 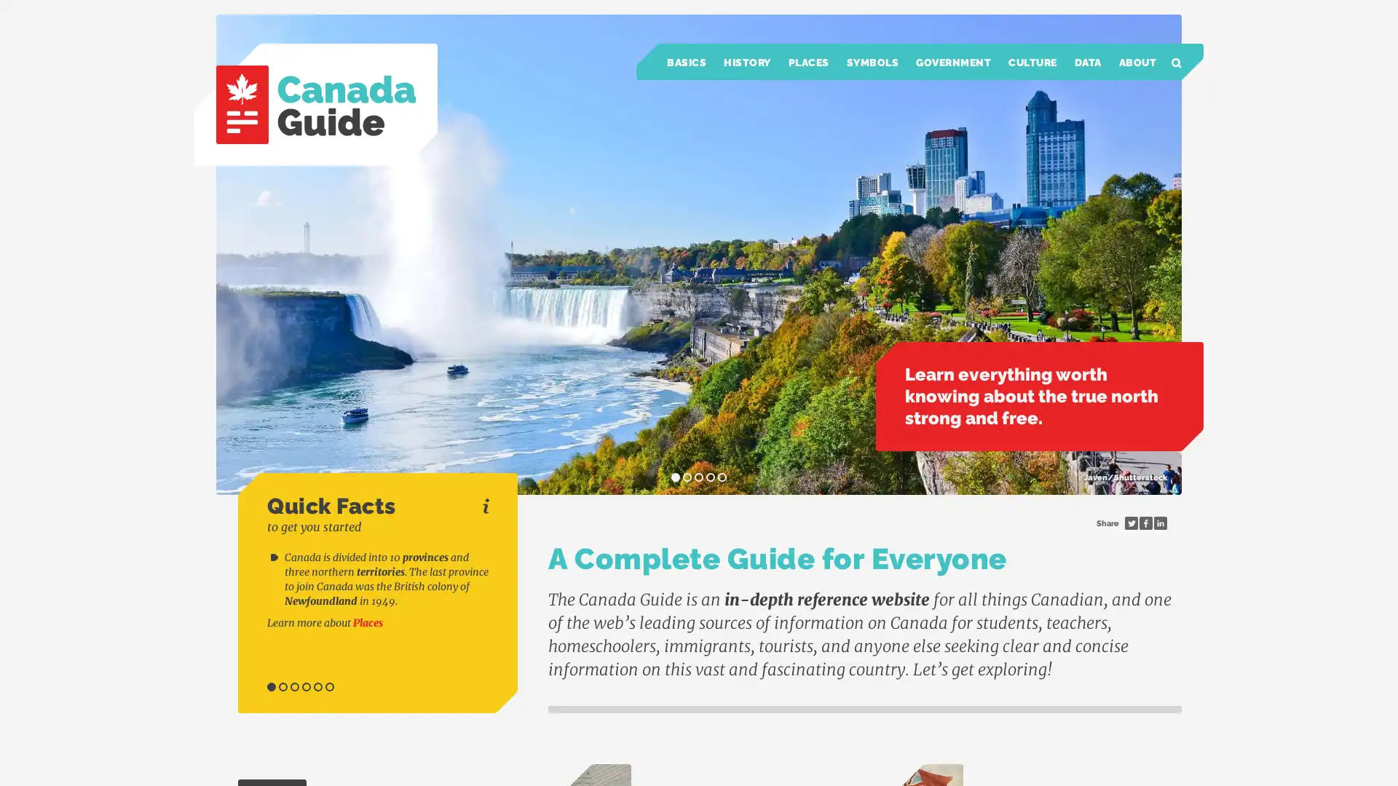 What do you see at coordinates (317, 687) in the screenshot?
I see `Go to slide 5` at bounding box center [317, 687].